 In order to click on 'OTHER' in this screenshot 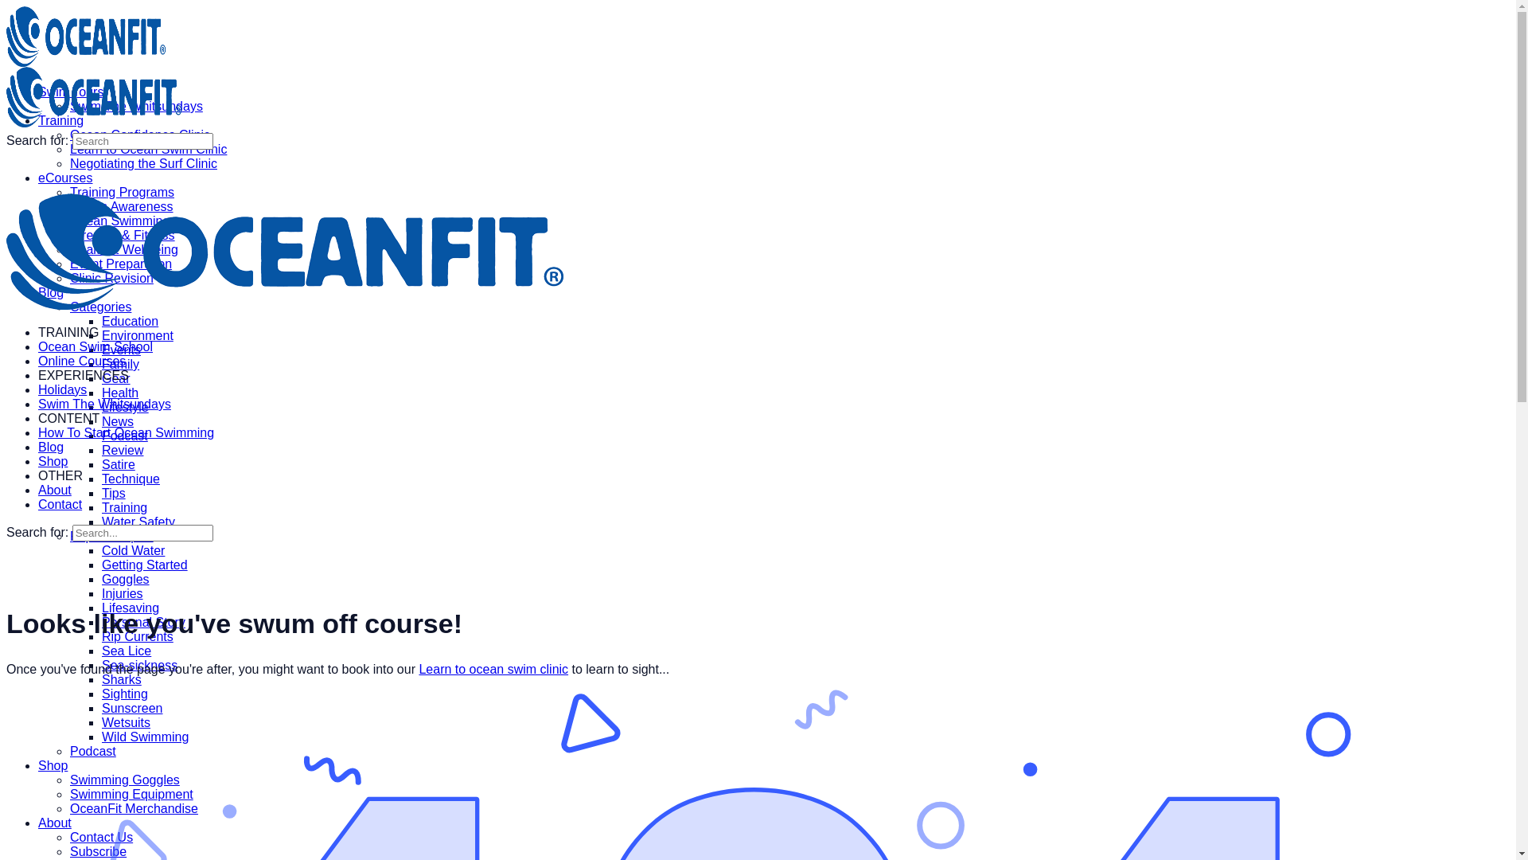, I will do `click(60, 475)`.